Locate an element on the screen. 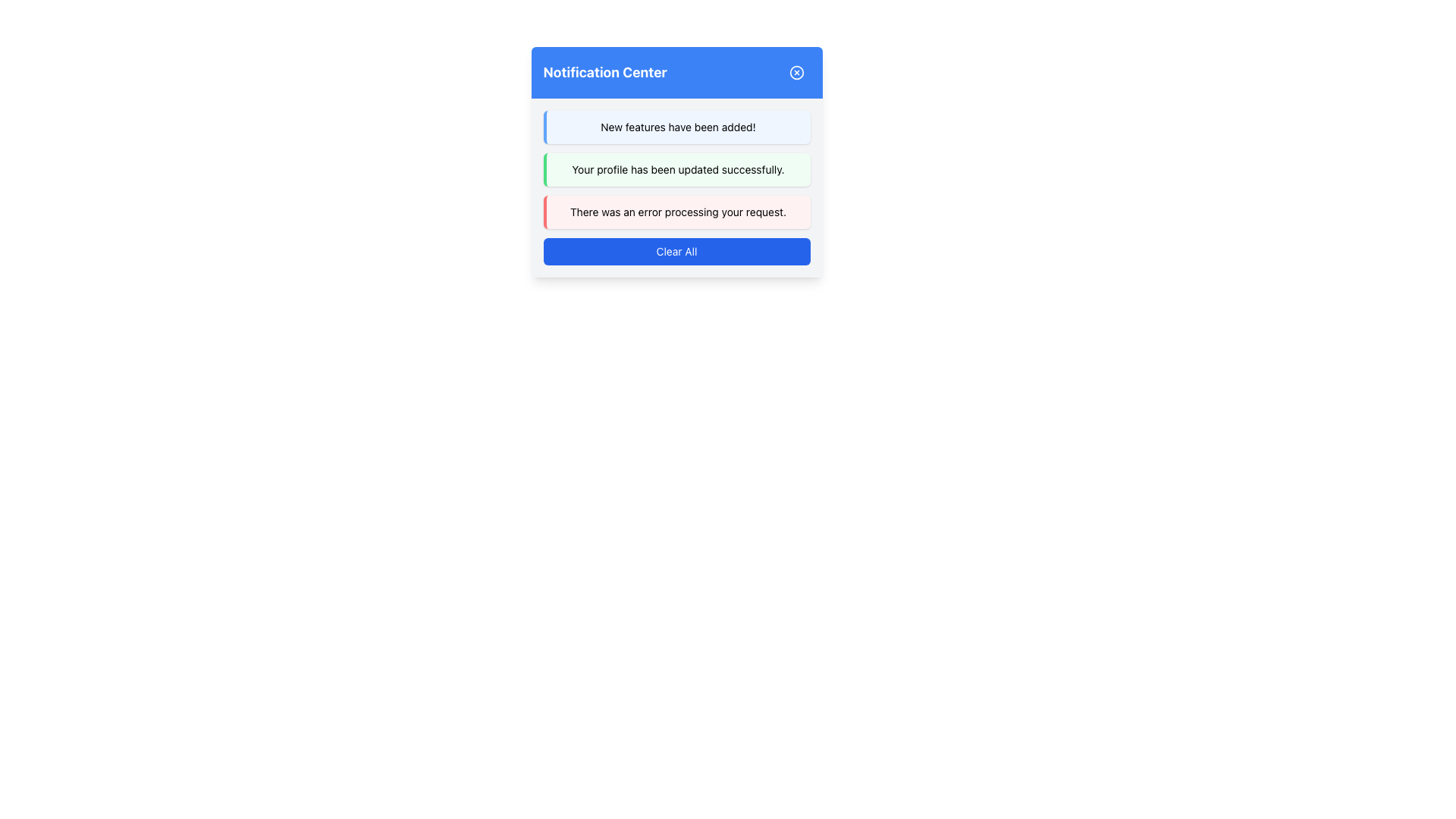 This screenshot has height=819, width=1456. the second notification item in the Notification Center card to emphasize it is located at coordinates (676, 162).